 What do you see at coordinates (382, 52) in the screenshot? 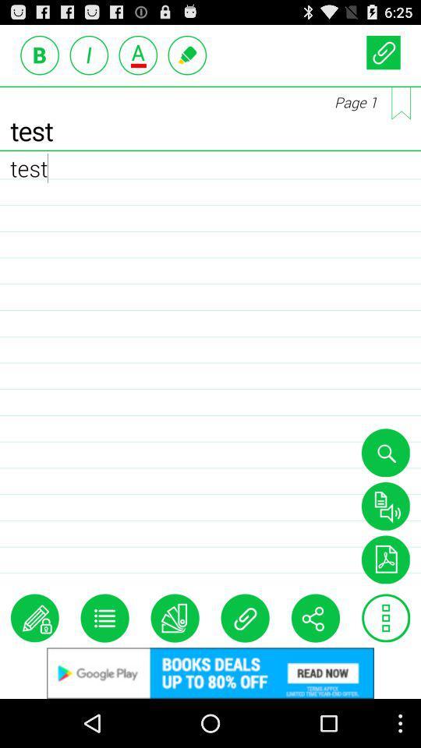
I see `short link` at bounding box center [382, 52].